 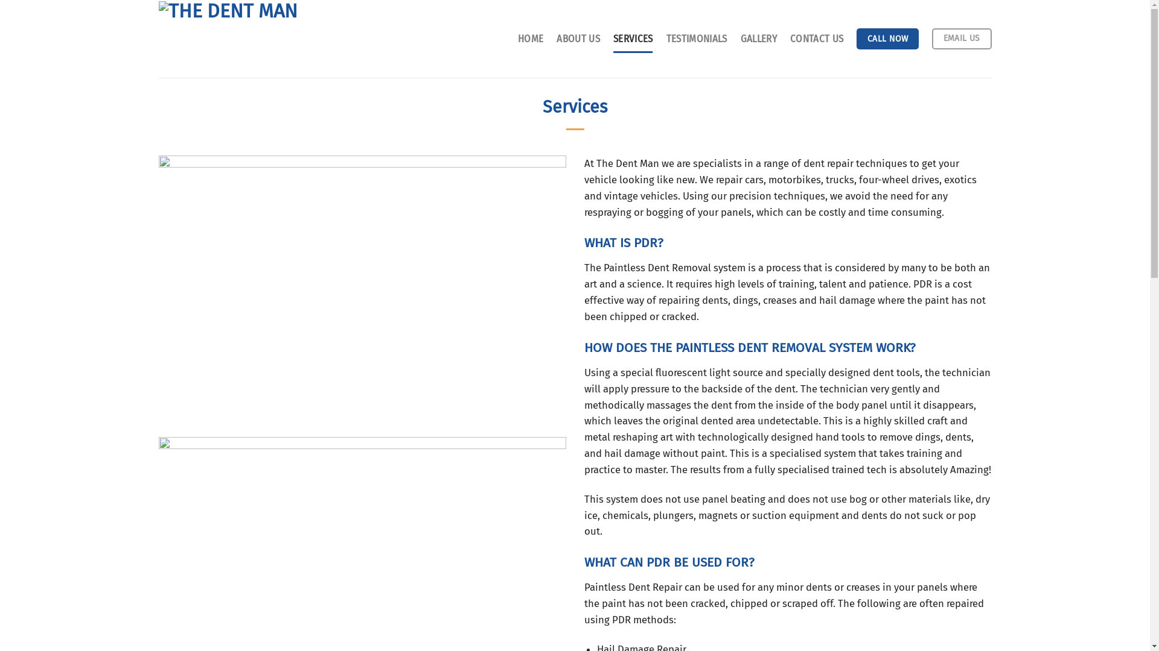 What do you see at coordinates (931, 38) in the screenshot?
I see `'EMAIL US'` at bounding box center [931, 38].